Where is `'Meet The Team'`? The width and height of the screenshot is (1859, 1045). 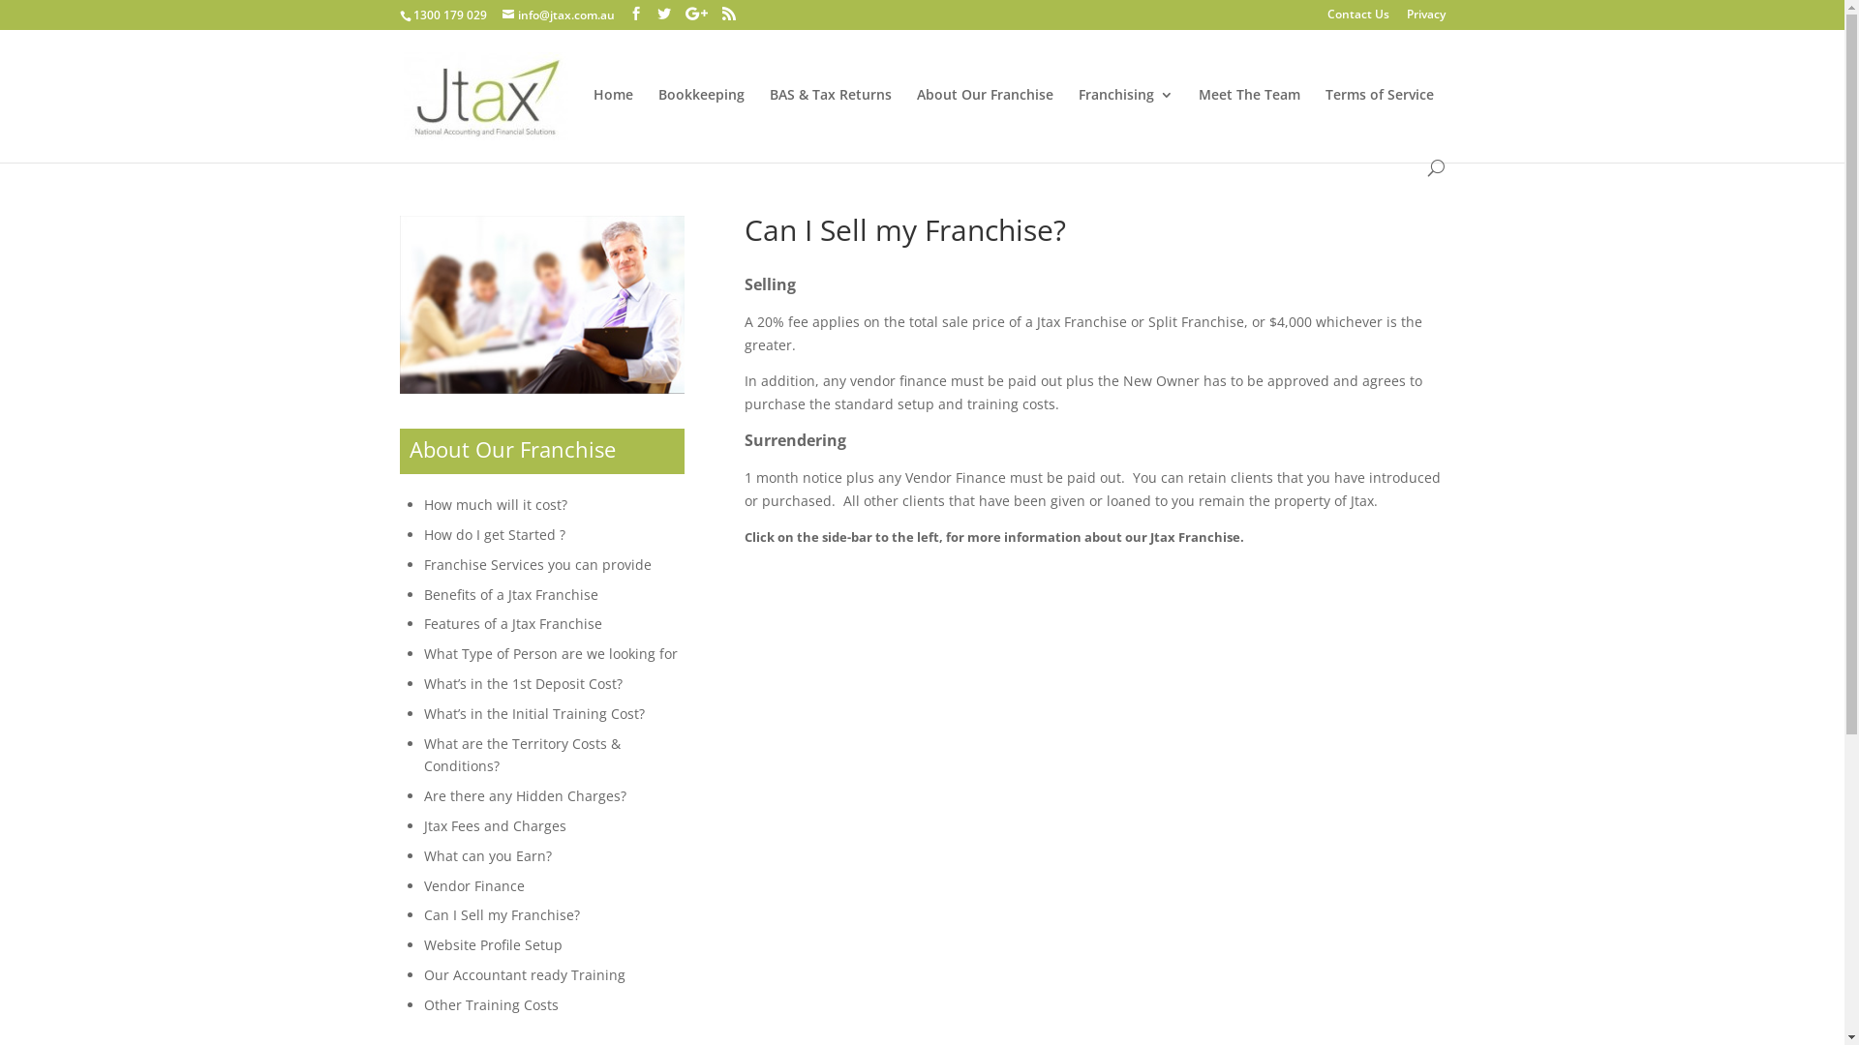 'Meet The Team' is located at coordinates (1249, 123).